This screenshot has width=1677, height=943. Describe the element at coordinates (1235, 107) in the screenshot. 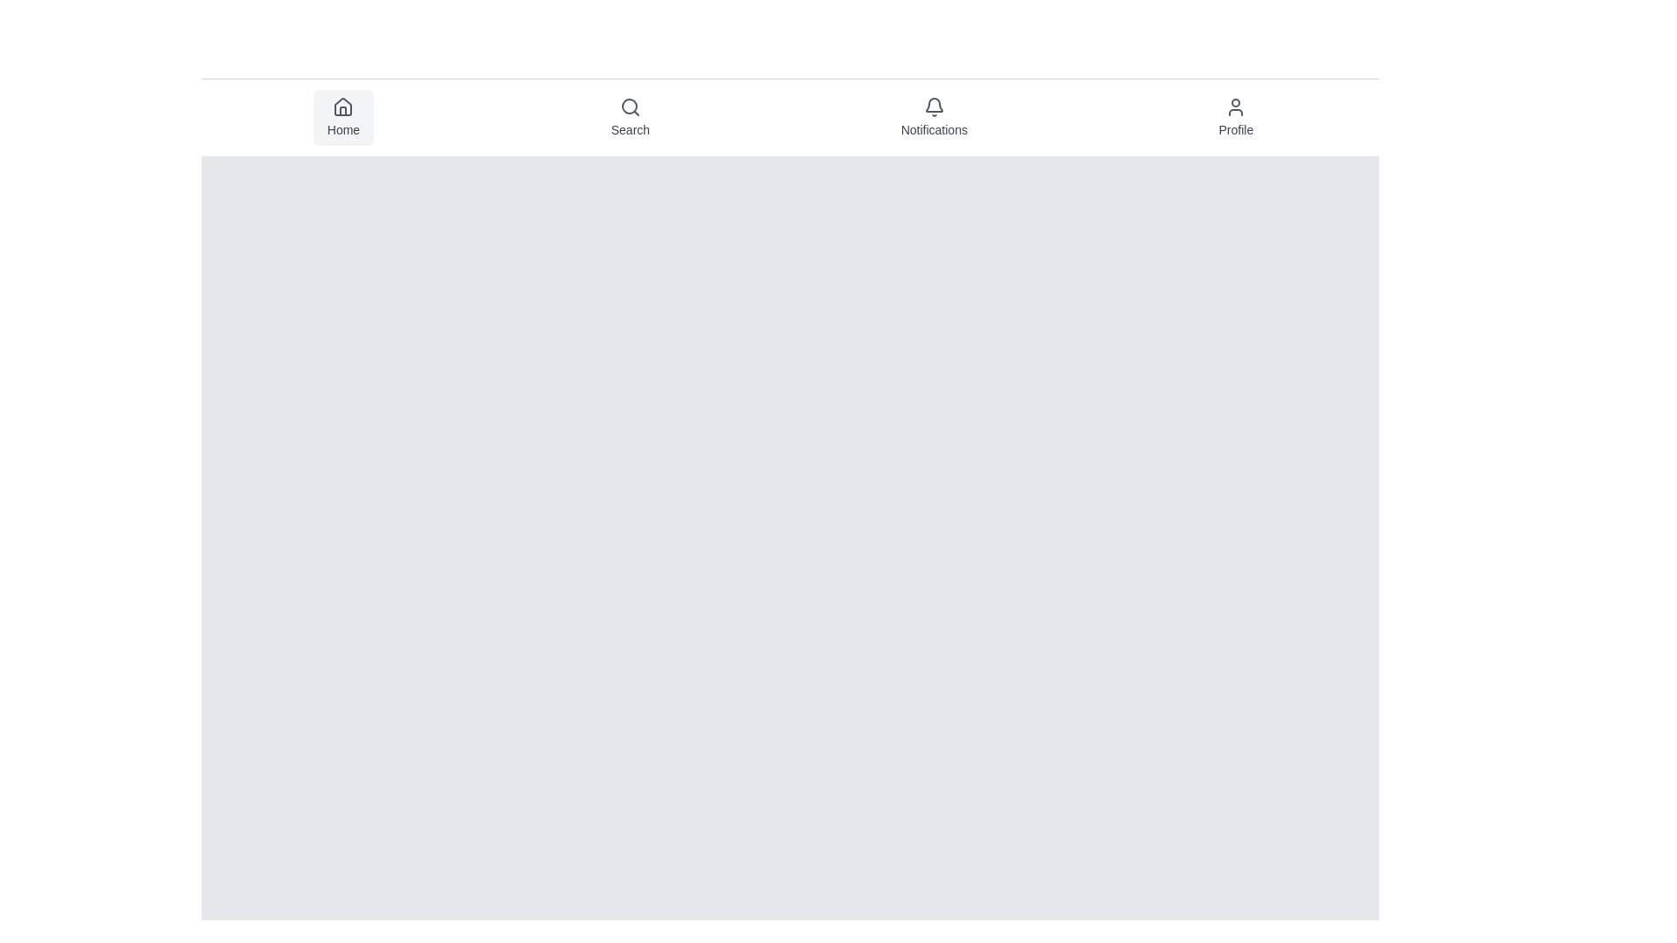

I see `the 'Profile' icon located in the navigation bar, which indicates user settings or account-related options` at that location.